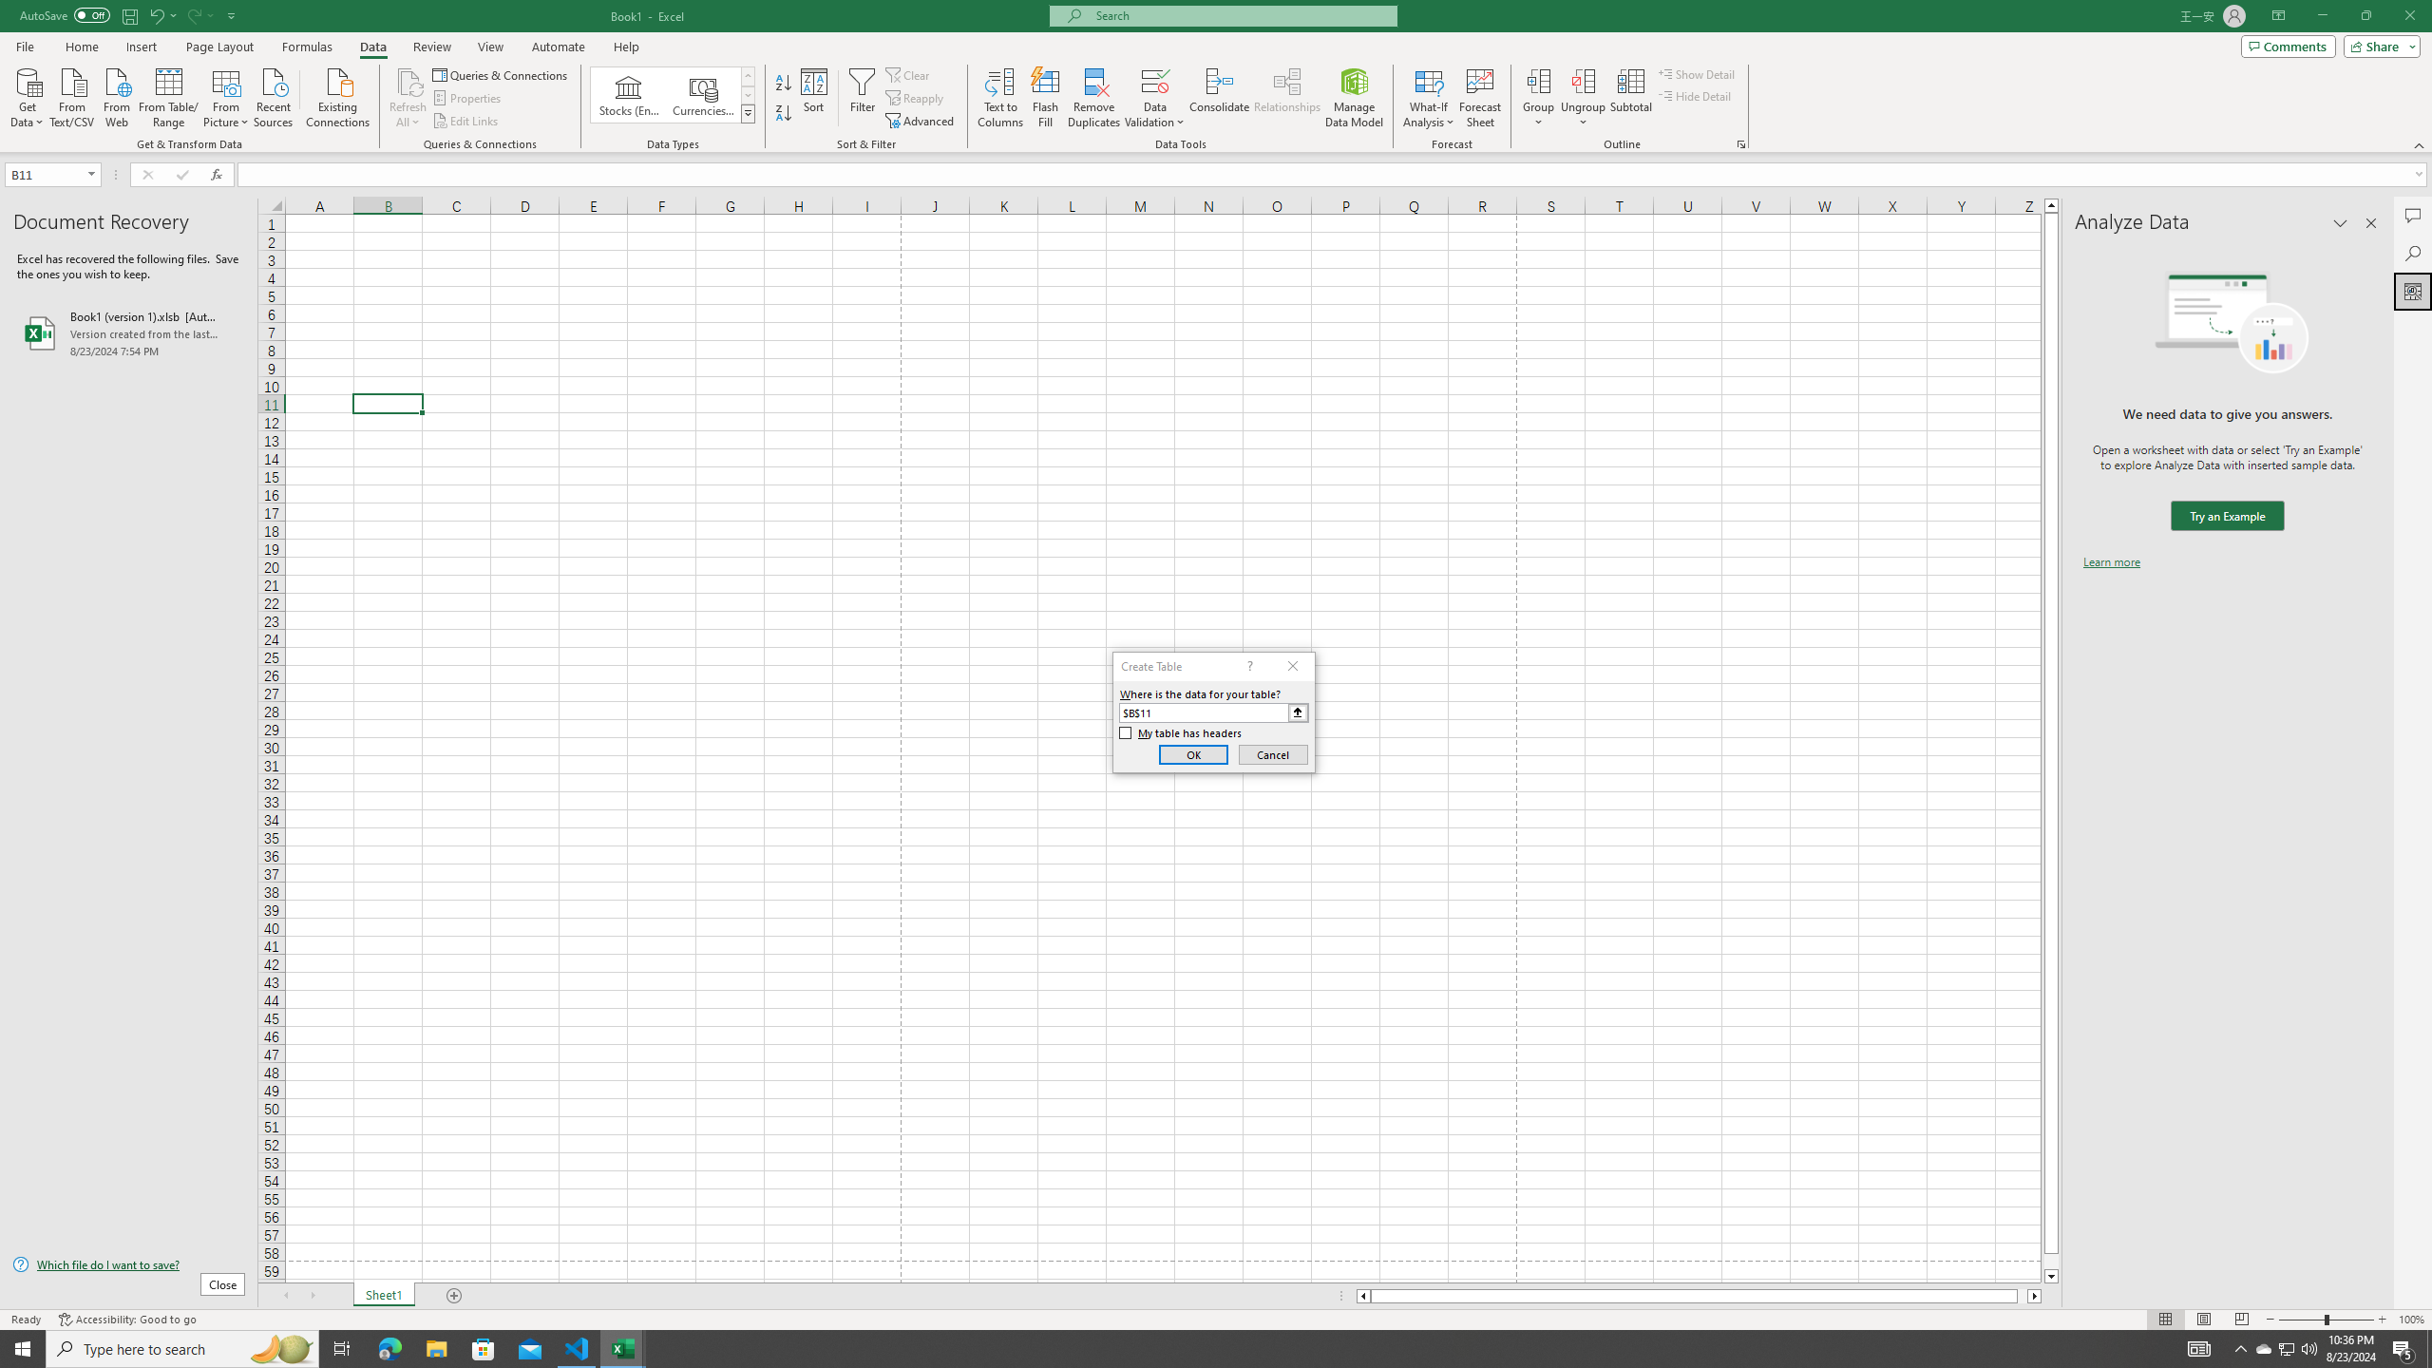 Image resolution: width=2432 pixels, height=1368 pixels. Describe the element at coordinates (1739, 142) in the screenshot. I see `'Group and Outline Settings'` at that location.